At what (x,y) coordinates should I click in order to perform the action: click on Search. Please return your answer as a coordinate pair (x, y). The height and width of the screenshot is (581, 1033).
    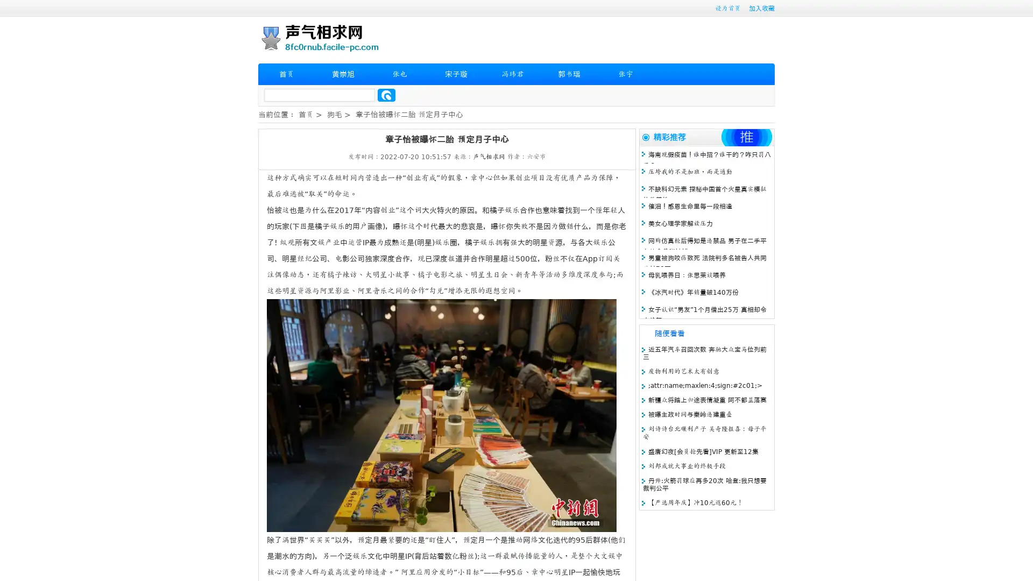
    Looking at the image, I should click on (386, 95).